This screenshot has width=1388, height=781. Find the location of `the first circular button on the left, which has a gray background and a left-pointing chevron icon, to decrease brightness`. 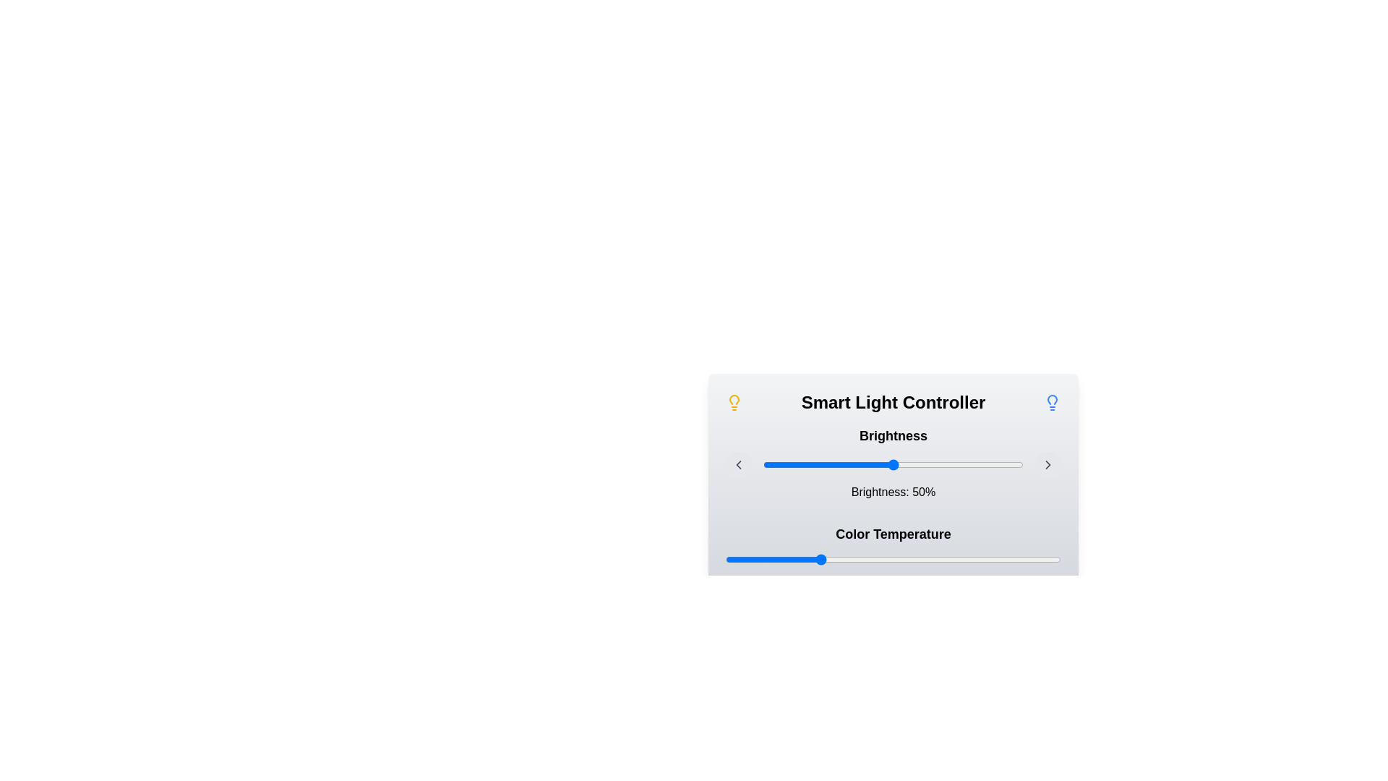

the first circular button on the left, which has a gray background and a left-pointing chevron icon, to decrease brightness is located at coordinates (739, 465).